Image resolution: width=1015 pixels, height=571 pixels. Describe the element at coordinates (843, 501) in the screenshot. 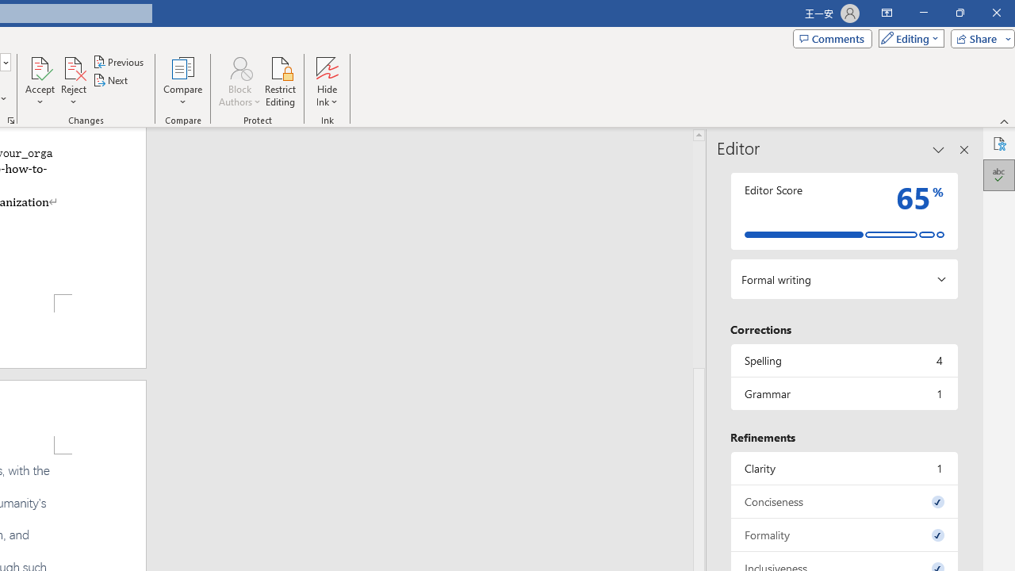

I see `'Conciseness, 0 issues. Press space or enter to review items.'` at that location.